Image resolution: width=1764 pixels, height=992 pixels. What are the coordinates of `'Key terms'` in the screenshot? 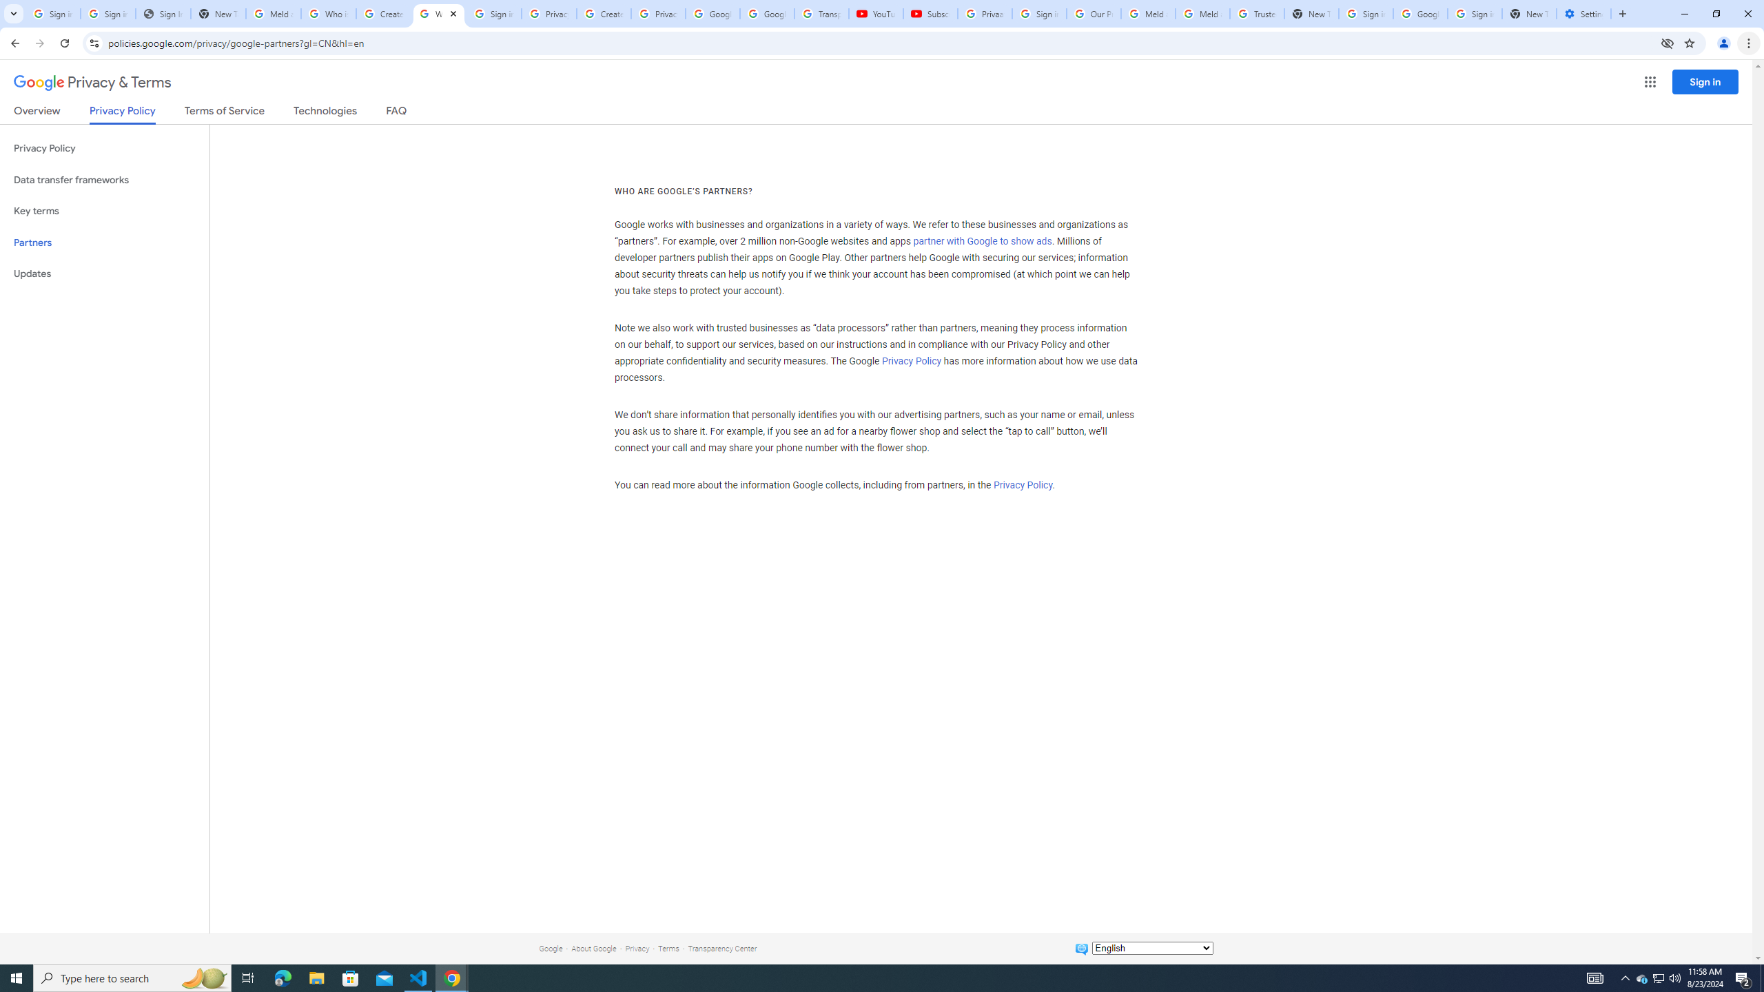 It's located at (104, 211).